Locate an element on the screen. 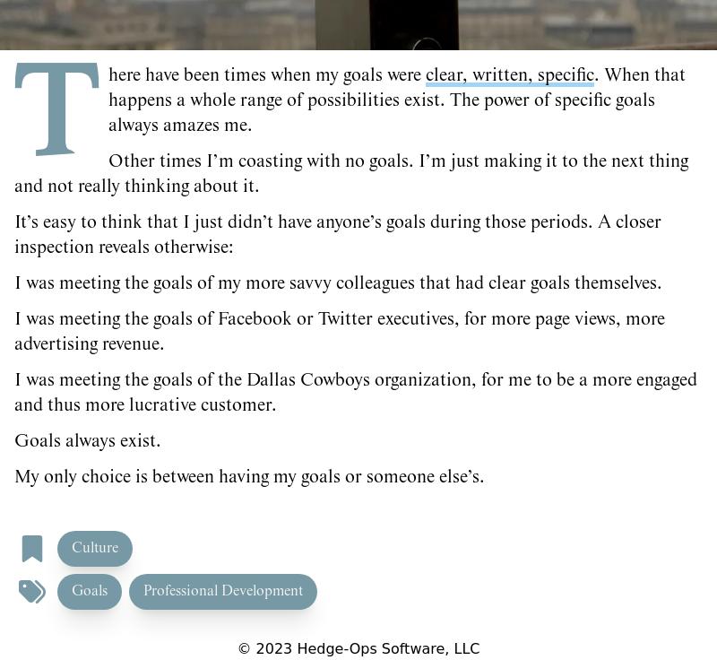 The width and height of the screenshot is (717, 660). 'I was meeting the goals of Facebook or Twitter executives, for more page views, more advertising revenue.' is located at coordinates (339, 330).